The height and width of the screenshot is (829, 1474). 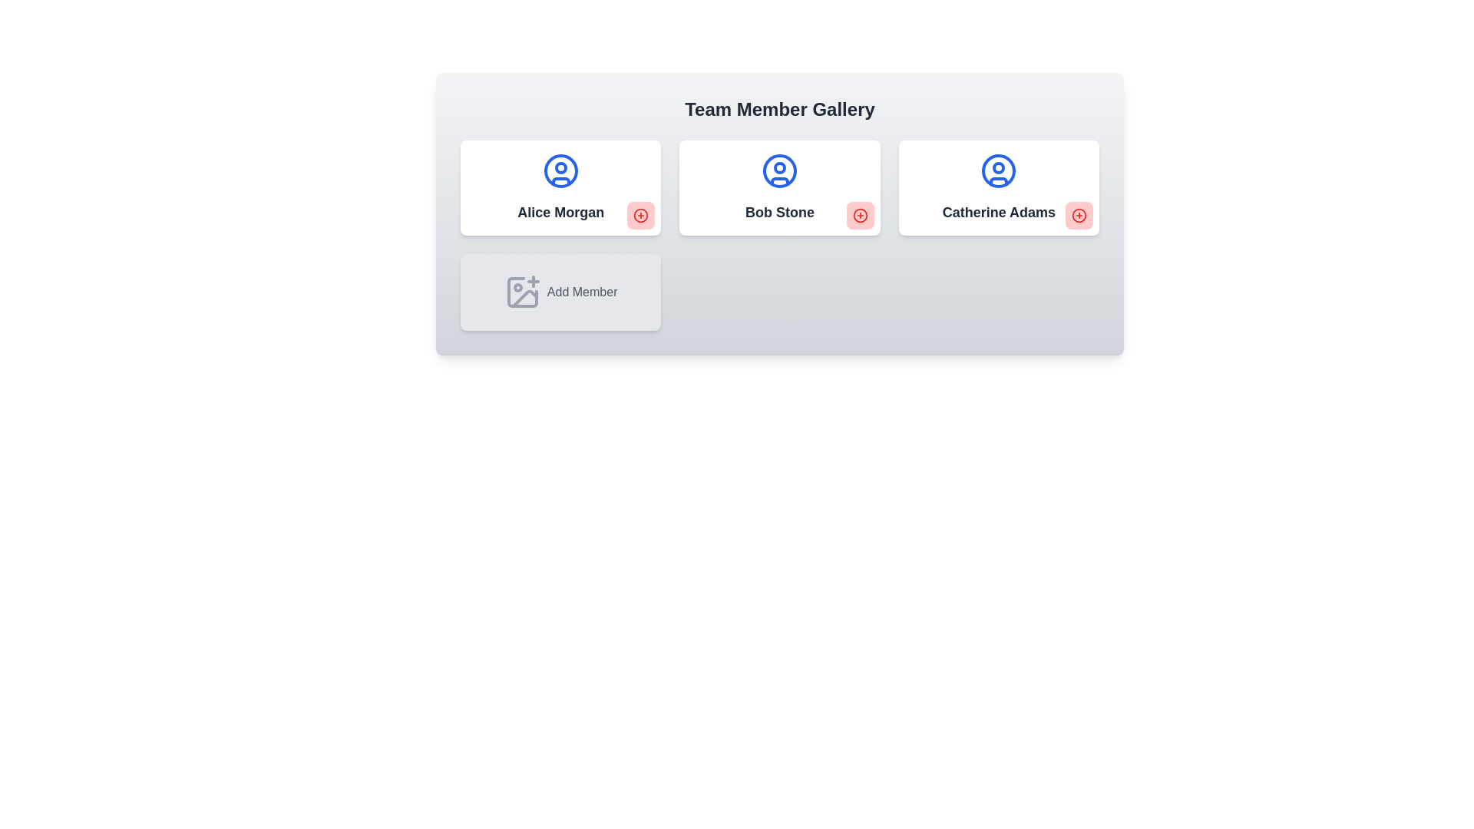 What do you see at coordinates (780, 213) in the screenshot?
I see `the Text Label element displaying 'Bob Stone', which is in bold and centered within a card component, located in the middle position of three horizontally-aligned cards` at bounding box center [780, 213].